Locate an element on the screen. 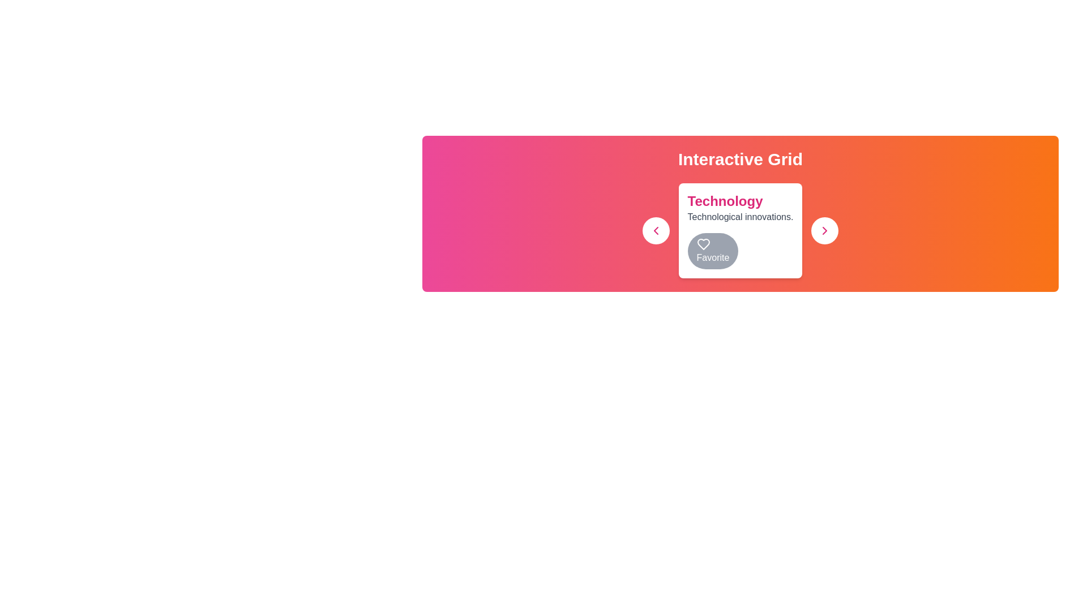  the arrow in the bottom-right circular navigation button is located at coordinates (825, 230).